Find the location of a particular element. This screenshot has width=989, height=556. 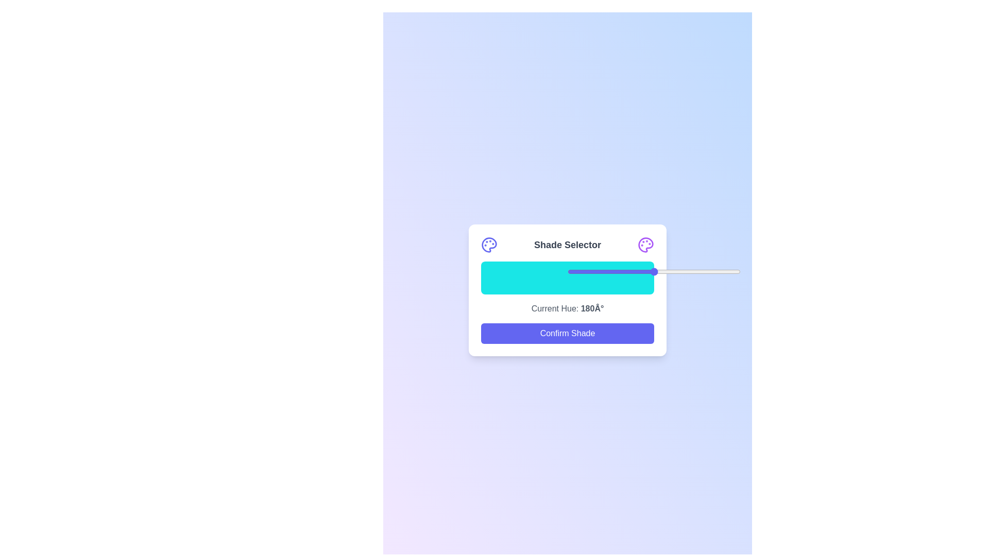

the shade slider to 24 to observe the corresponding color is located at coordinates (522, 278).